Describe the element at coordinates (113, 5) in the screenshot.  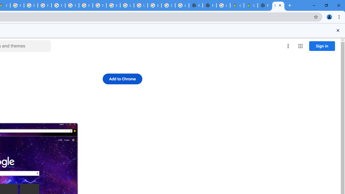
I see `'Browse Chrome as a guest - Computer - Google Chrome Help'` at that location.